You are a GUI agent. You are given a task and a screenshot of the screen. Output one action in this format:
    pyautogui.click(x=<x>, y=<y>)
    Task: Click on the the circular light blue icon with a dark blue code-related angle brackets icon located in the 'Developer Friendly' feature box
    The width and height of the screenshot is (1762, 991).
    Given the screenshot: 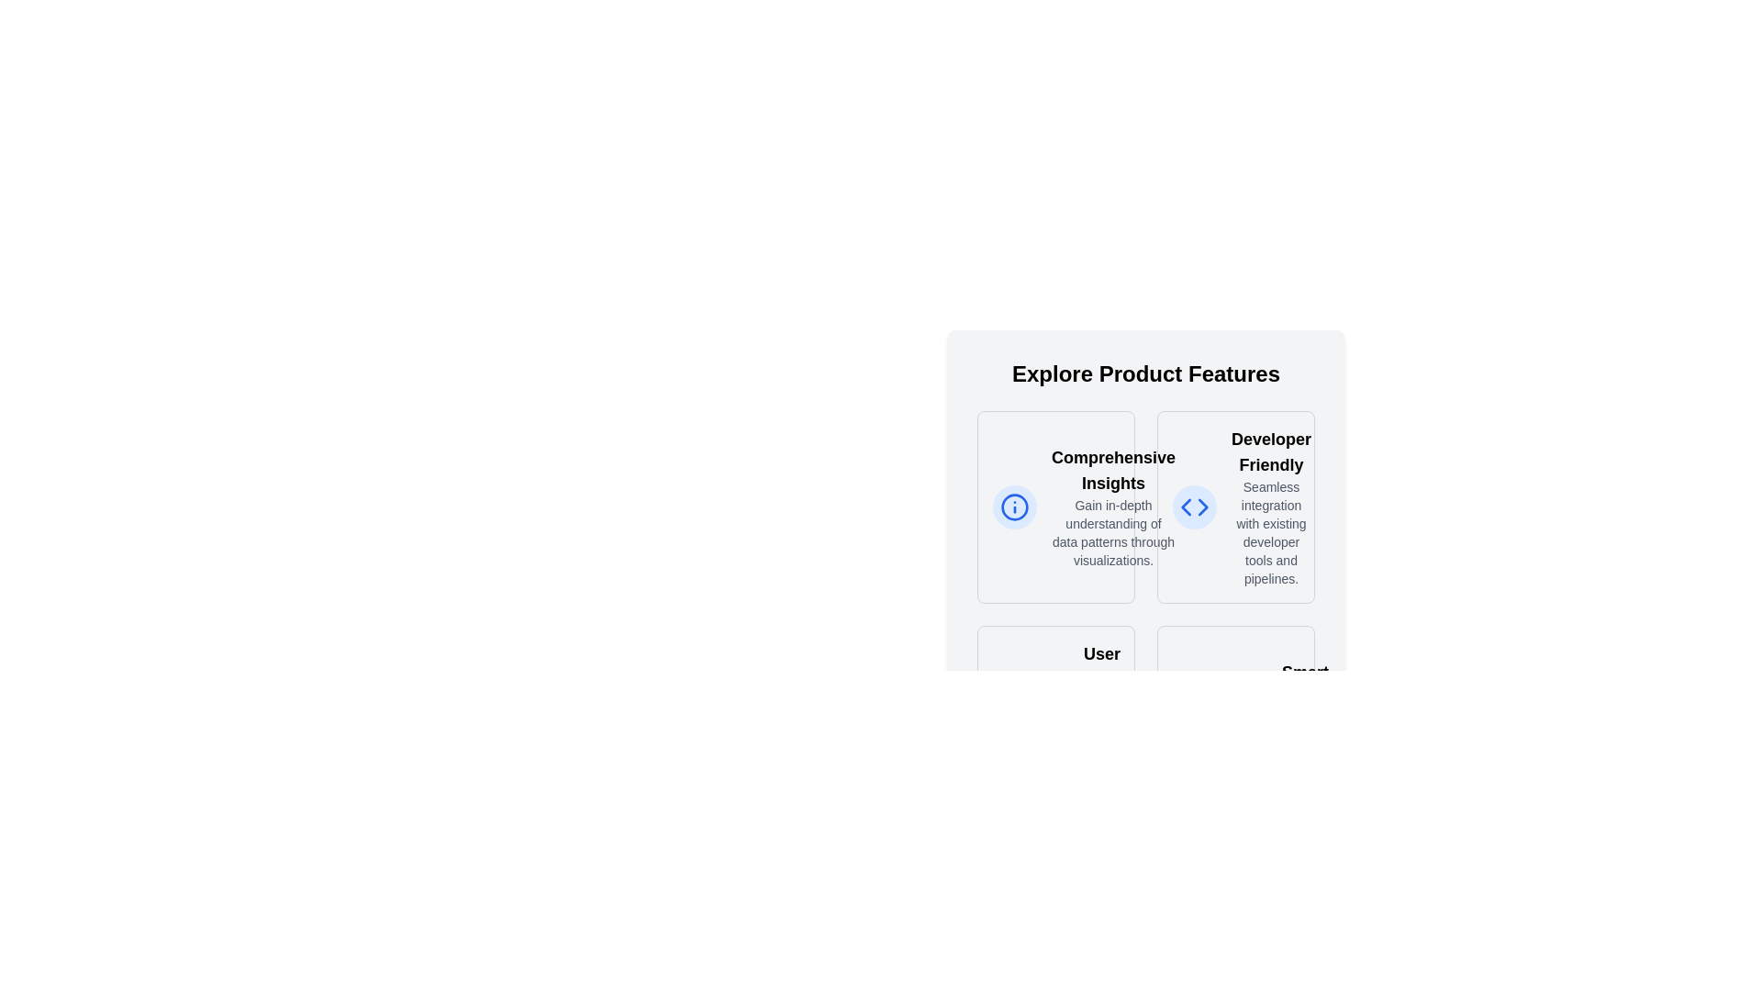 What is the action you would take?
    pyautogui.click(x=1194, y=507)
    